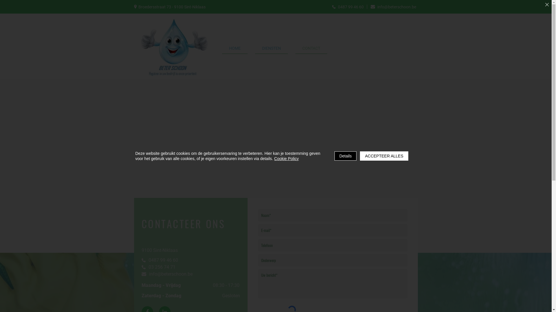 This screenshot has width=556, height=312. I want to click on 'Details', so click(334, 156).